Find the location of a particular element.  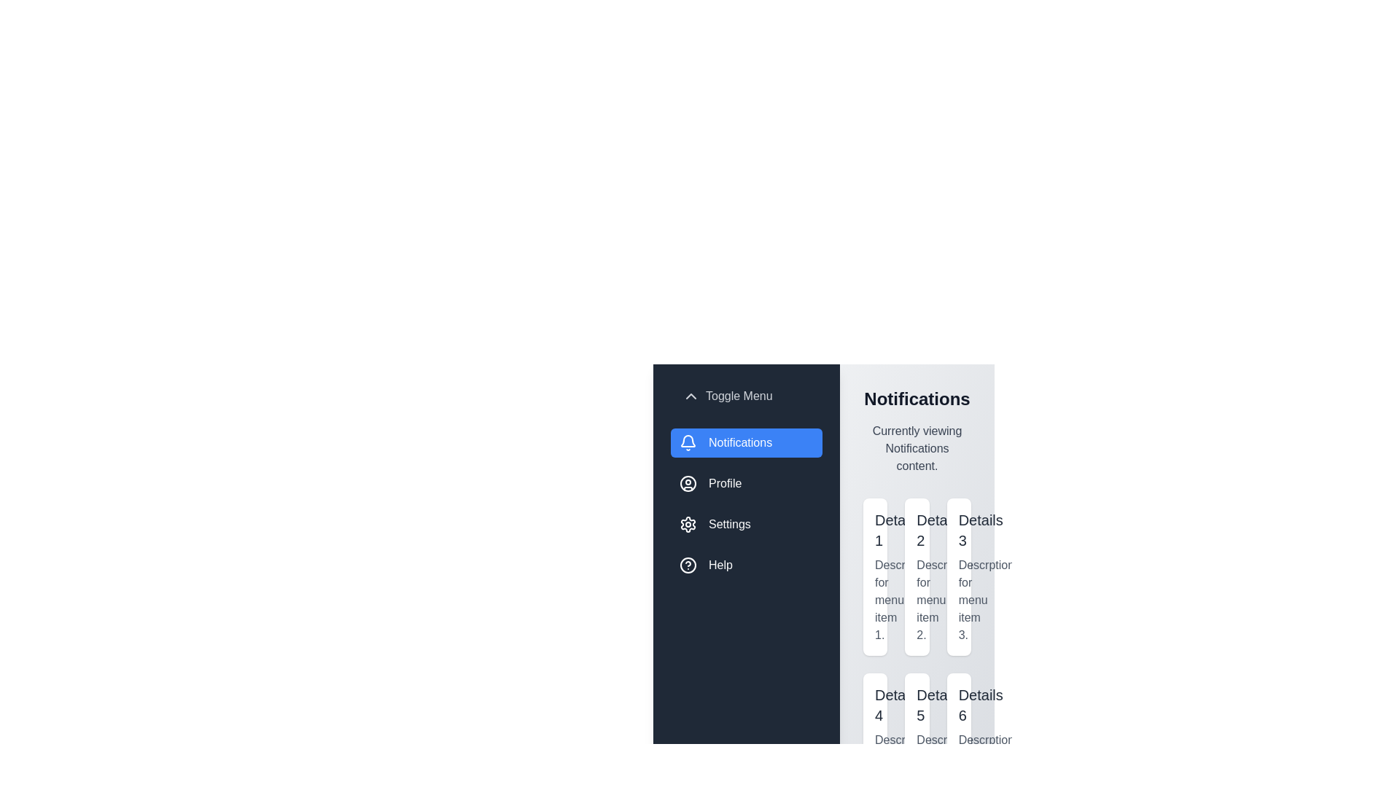

the menu item Notifications to switch the active content is located at coordinates (746, 442).